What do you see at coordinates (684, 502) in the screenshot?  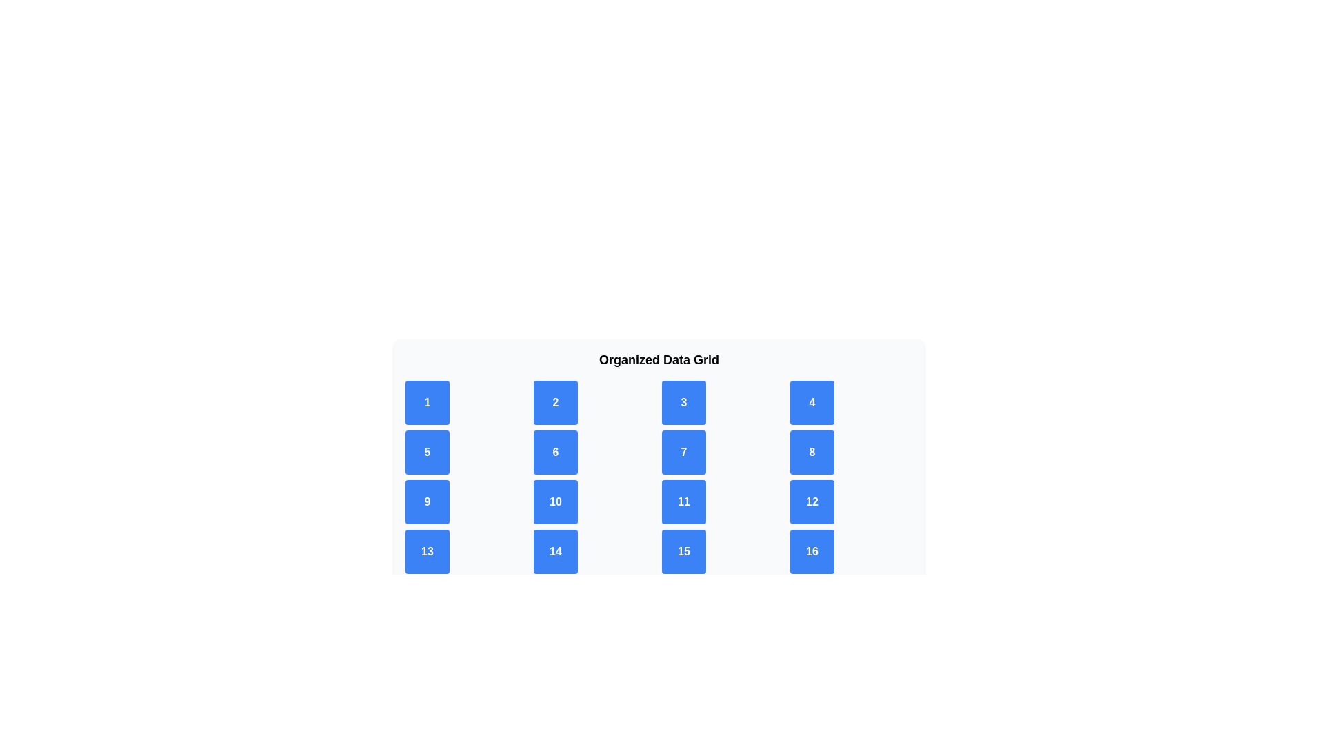 I see `the button labeled '11' located in the third column and third row of a four-column grid, positioned between '7' and '15'` at bounding box center [684, 502].